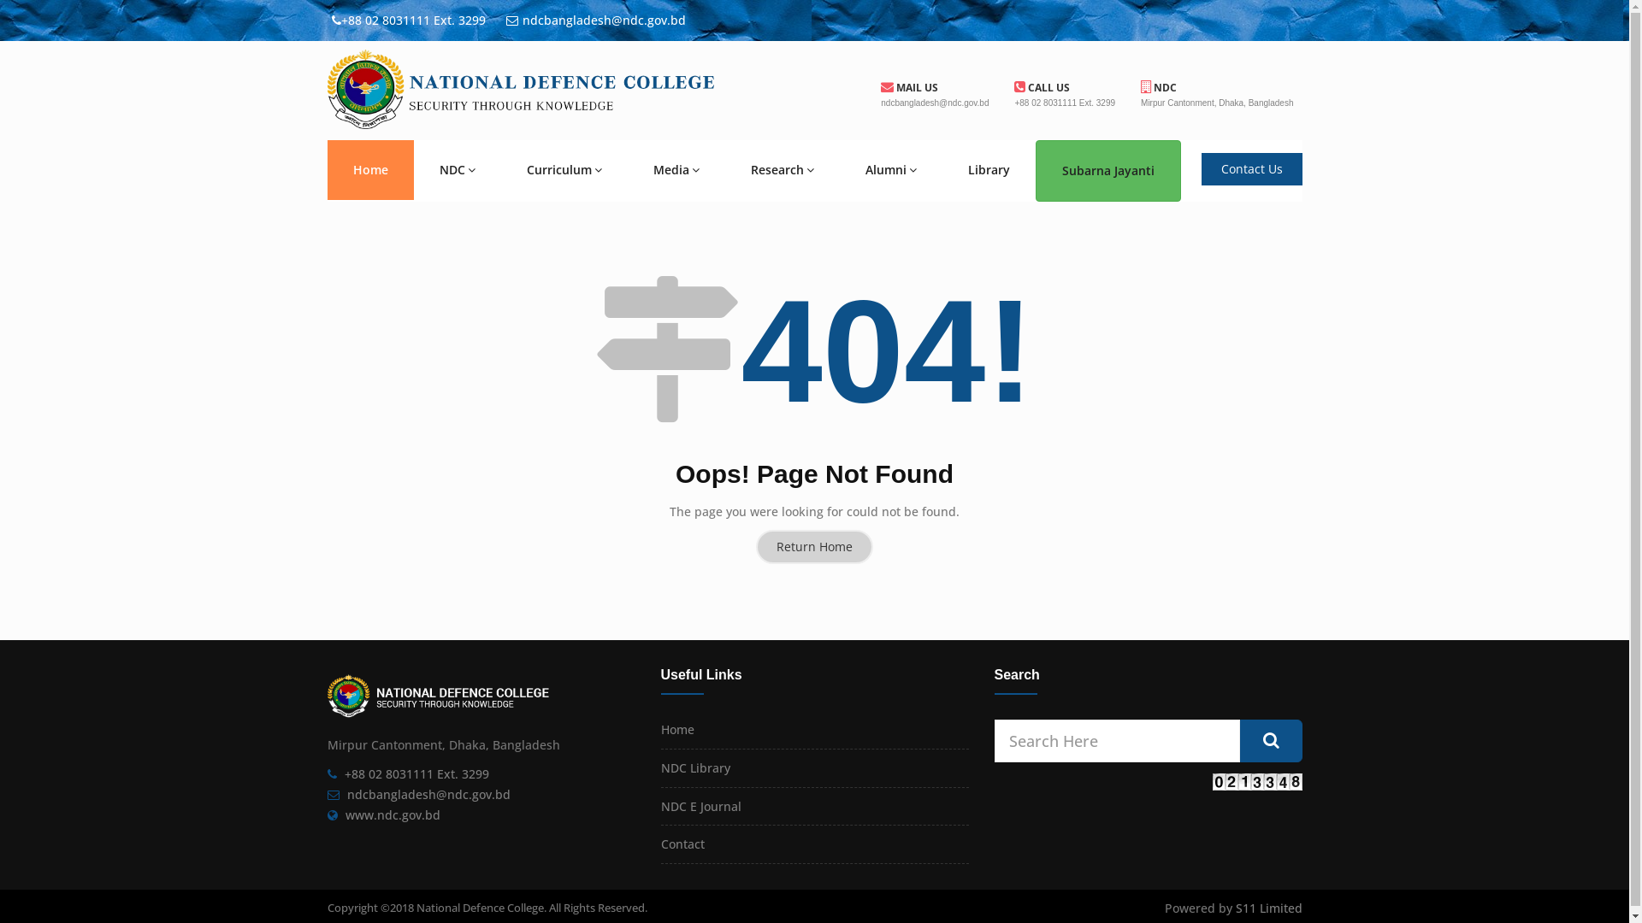 The height and width of the screenshot is (923, 1642). I want to click on 'Subarna Jayanti', so click(1107, 171).